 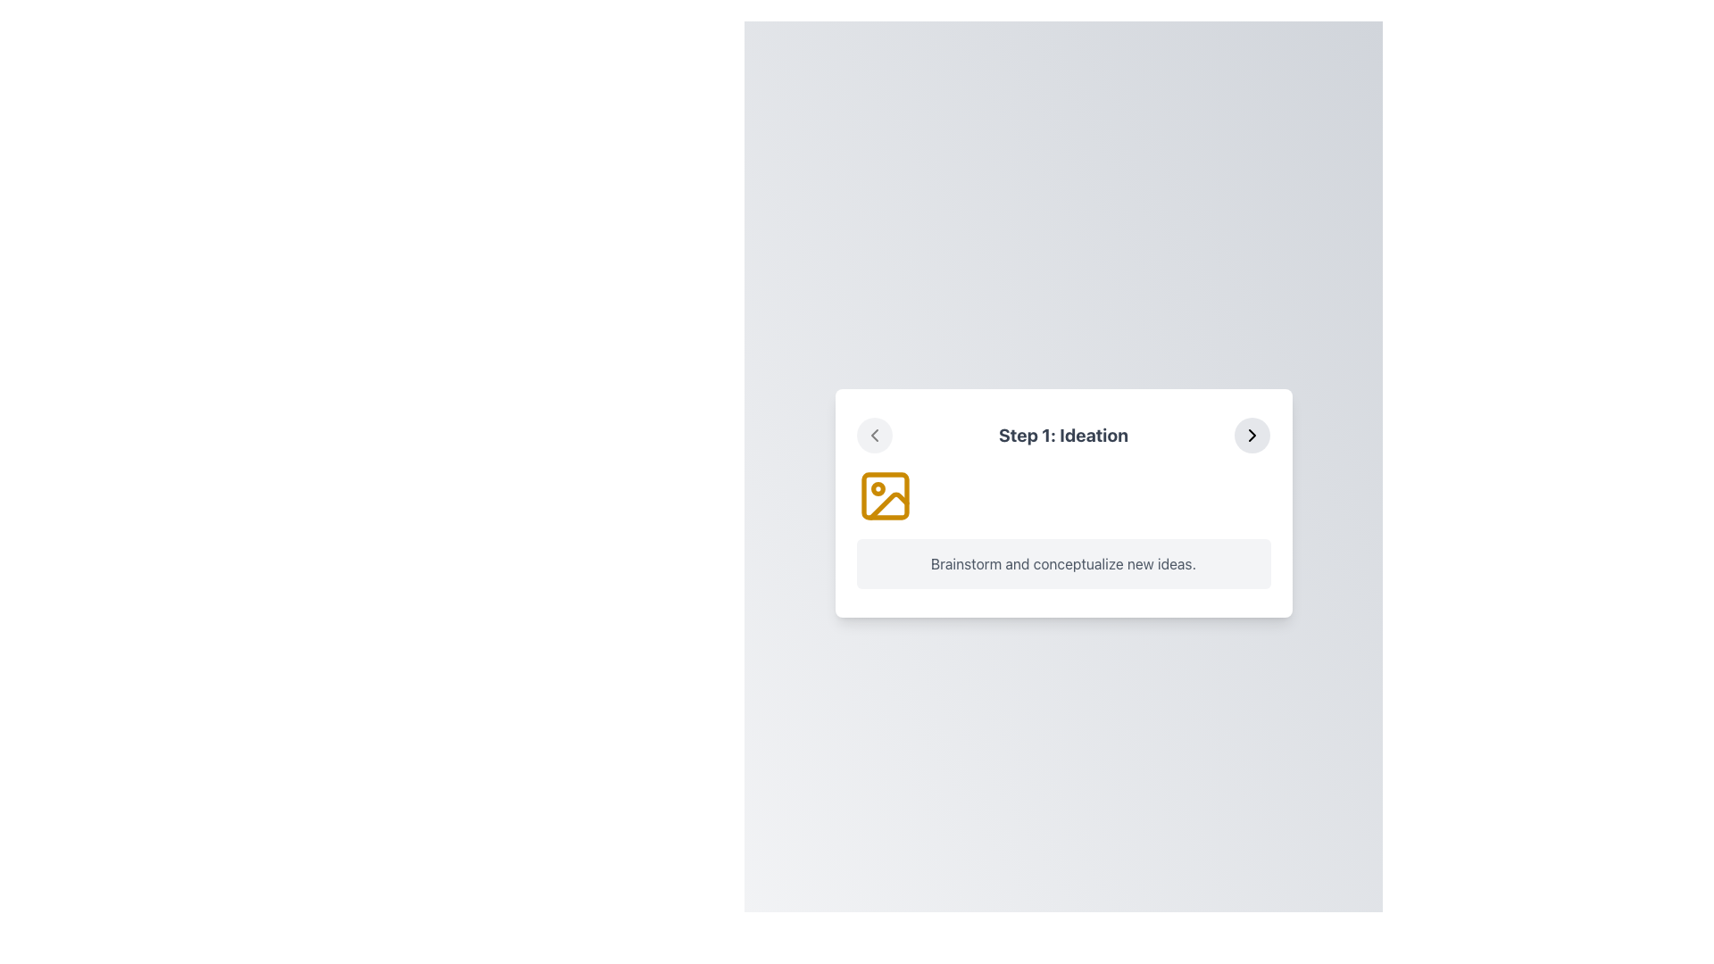 I want to click on the Circle SVG graphic element that is a decorative feature within the image icon of the card titled 'Step 1: Ideation', so click(x=878, y=488).